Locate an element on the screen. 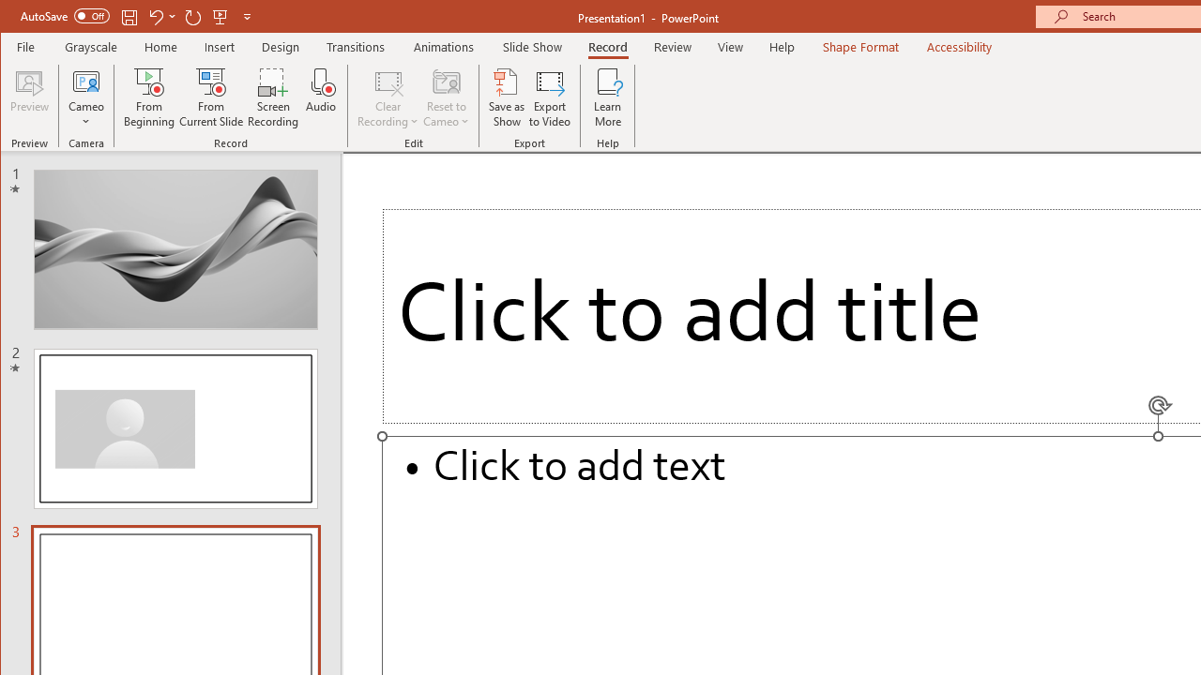 The width and height of the screenshot is (1201, 675). 'Clear Recording' is located at coordinates (388, 97).